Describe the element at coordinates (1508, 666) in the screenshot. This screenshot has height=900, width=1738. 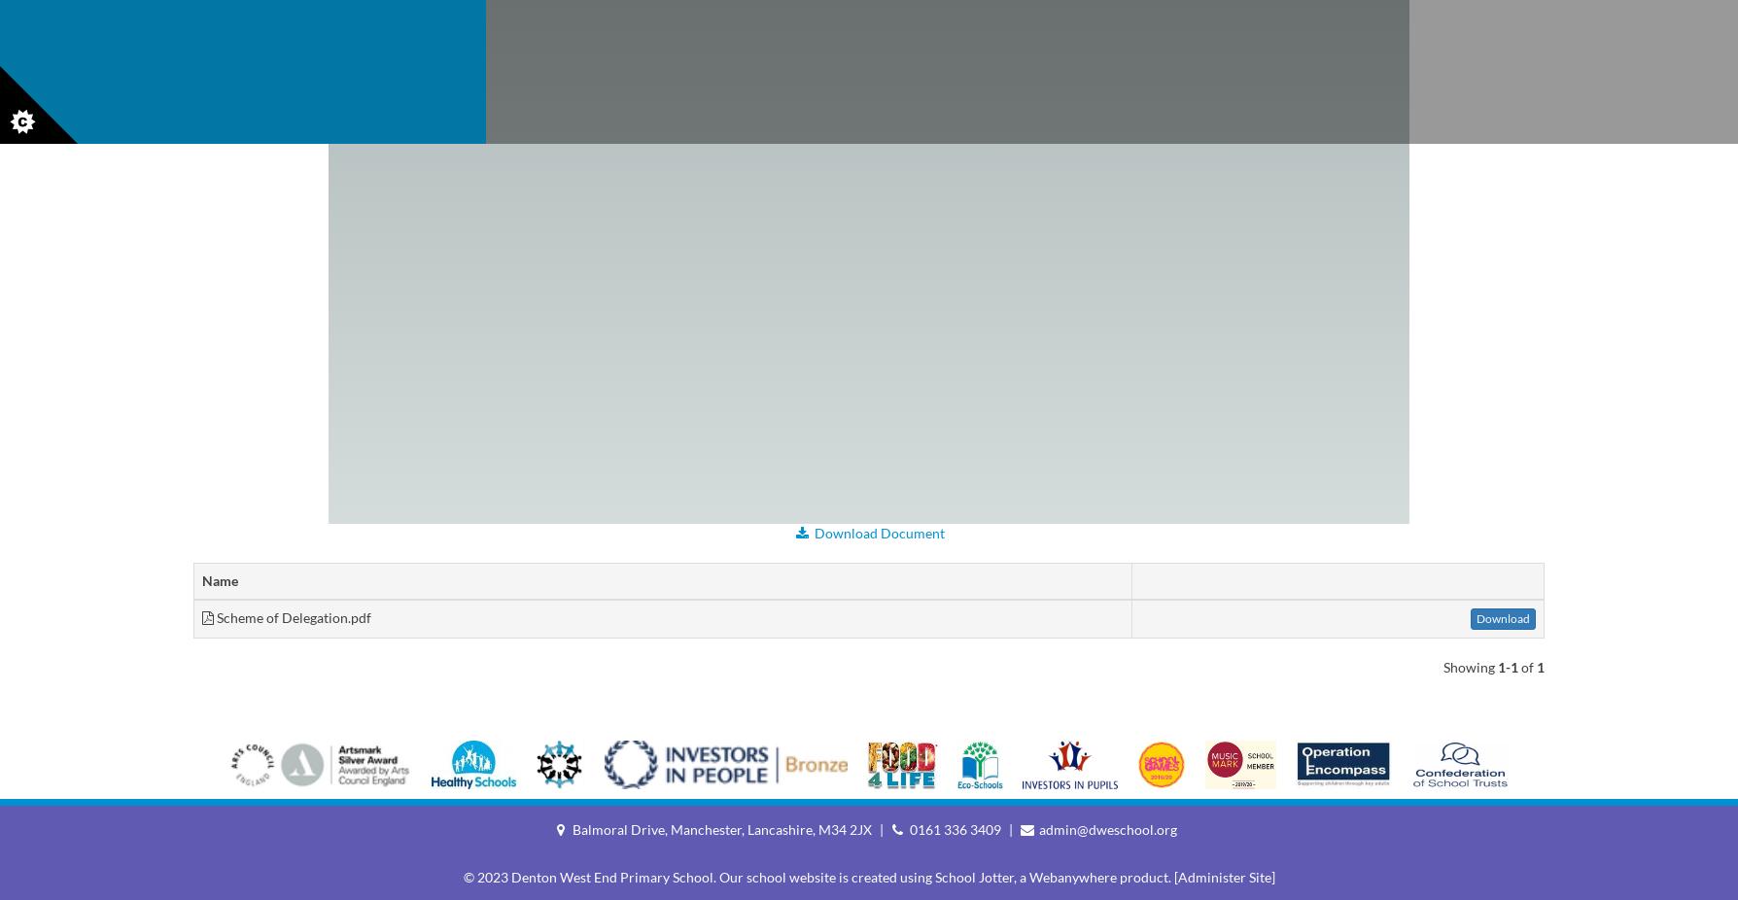
I see `'1-1'` at that location.